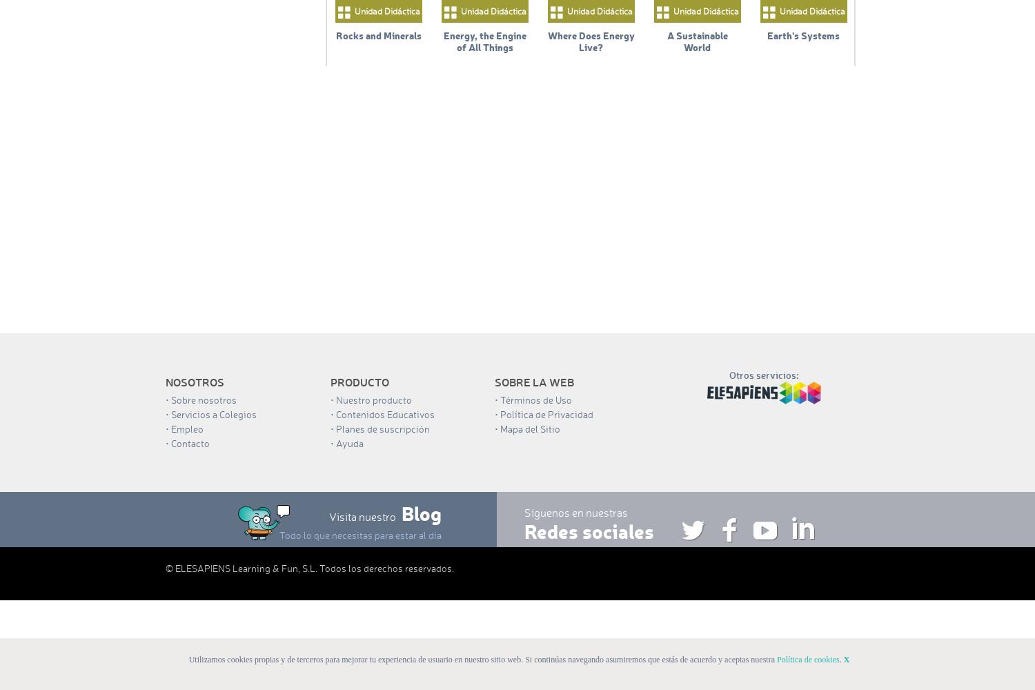 The width and height of the screenshot is (1035, 690). Describe the element at coordinates (575, 512) in the screenshot. I see `'Síguenos en nuestras'` at that location.